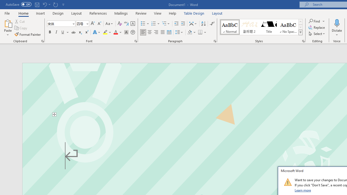  I want to click on 'AutomationID: QuickStylesGallery', so click(261, 27).